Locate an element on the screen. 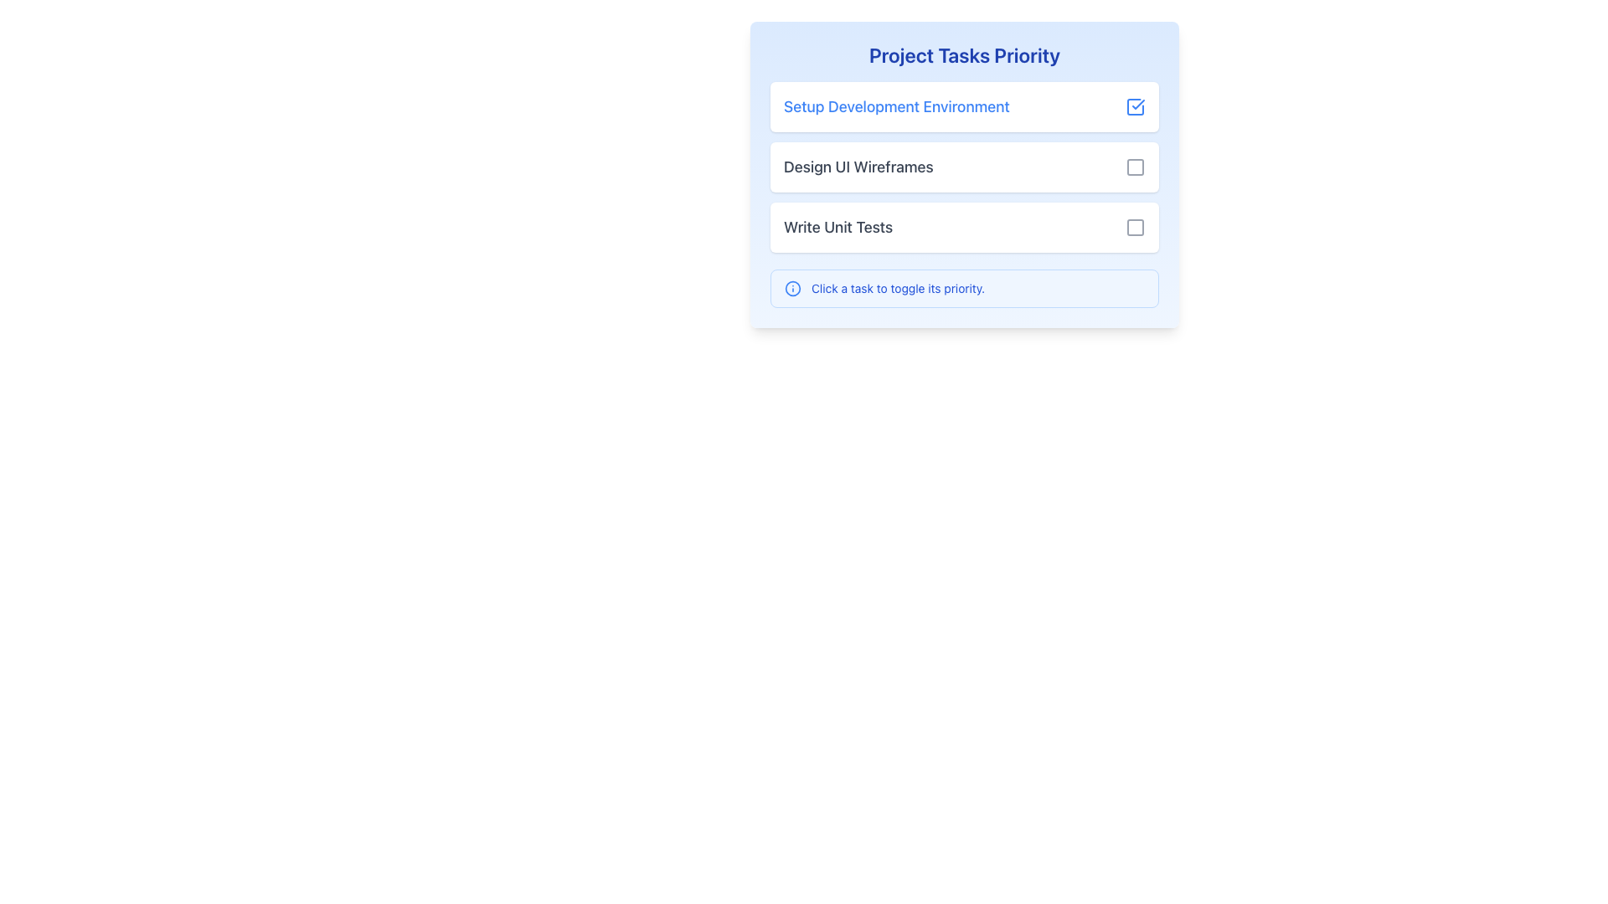 This screenshot has width=1608, height=904. the circular shape with a blue outline, part of the blue-themed icon located near the text 'Click a task to toggle its priority.' in the 'Project Tasks Priority' panel is located at coordinates (791, 287).